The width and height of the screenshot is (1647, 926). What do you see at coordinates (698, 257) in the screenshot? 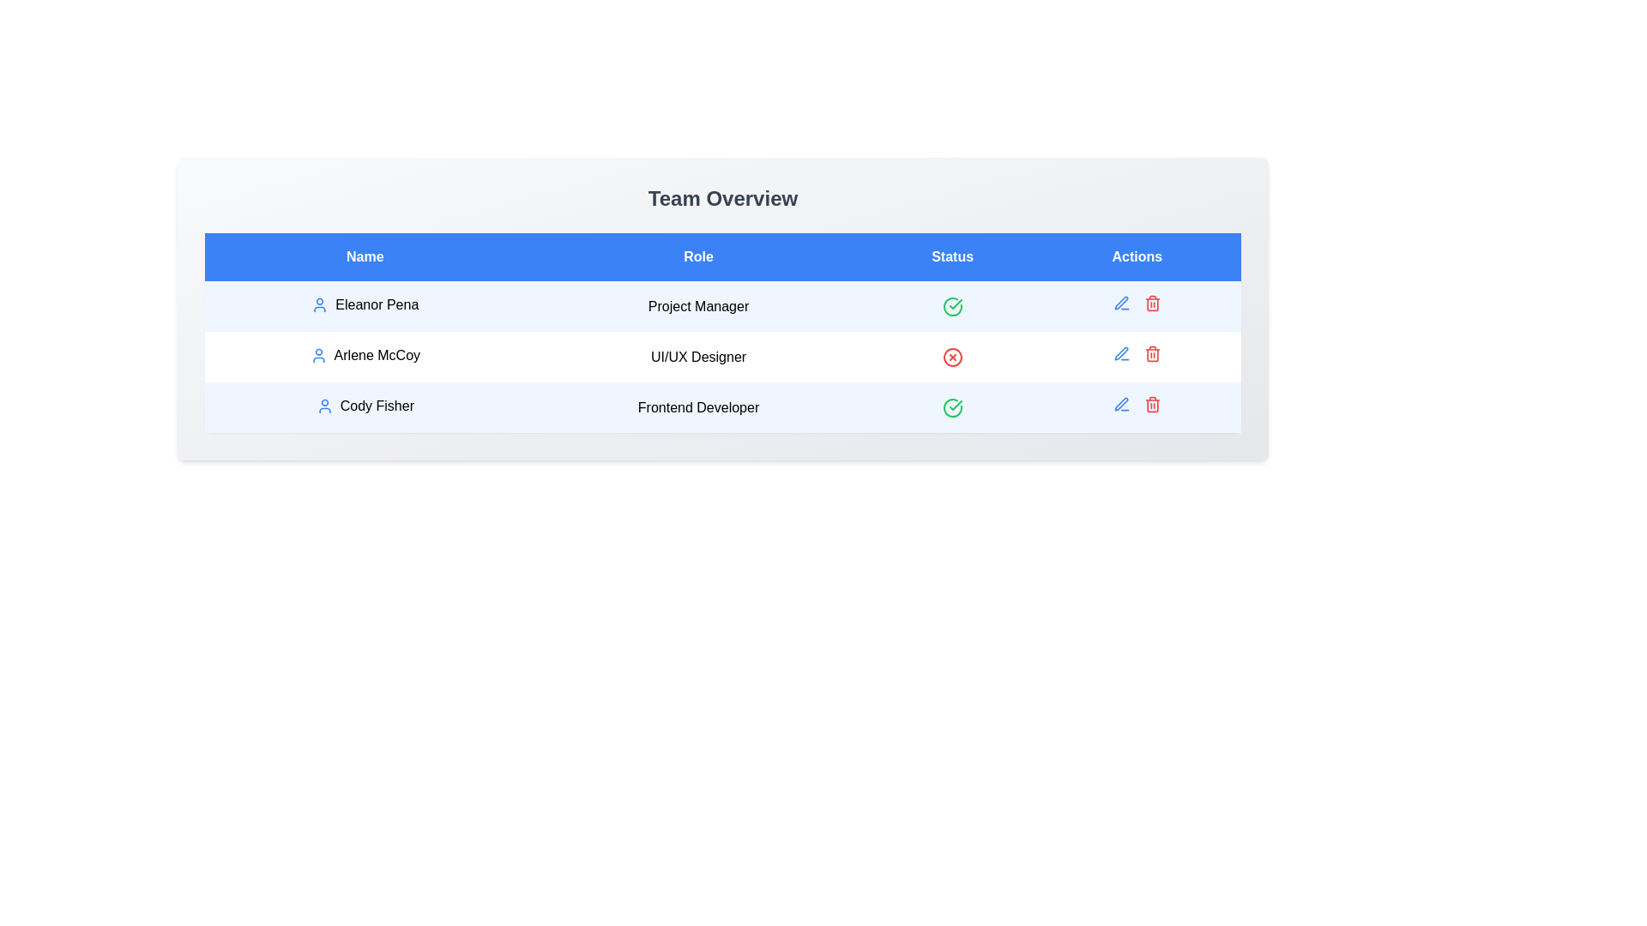
I see `the 'Role' text label, which is a blue rectangular section with white bold text, located between the 'Name' and 'Status' headers in the horizontal header row` at bounding box center [698, 257].